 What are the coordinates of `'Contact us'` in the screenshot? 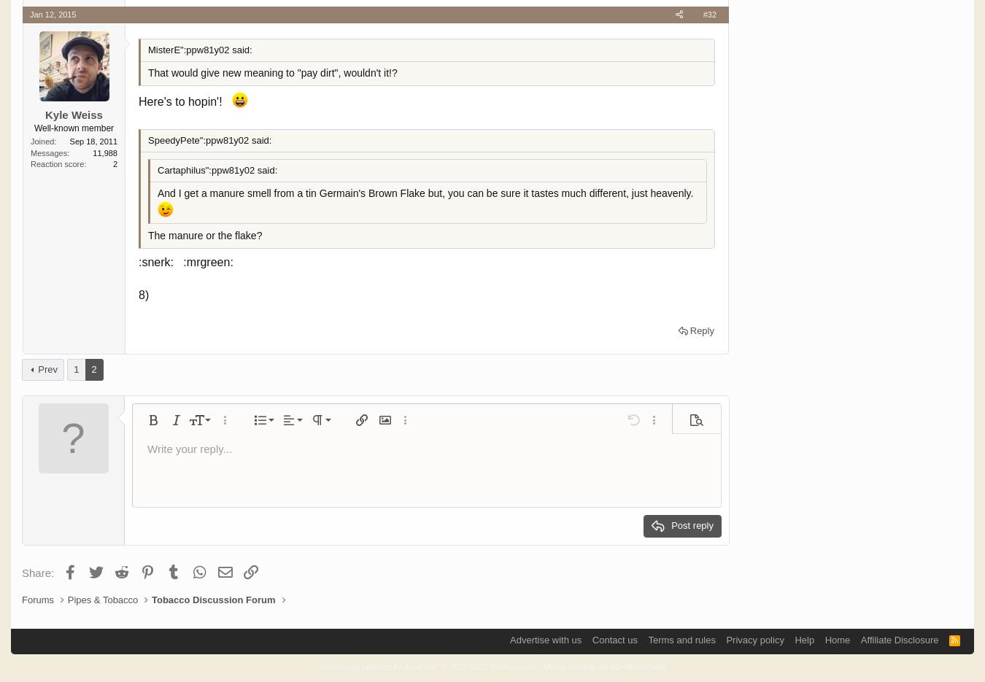 It's located at (614, 639).